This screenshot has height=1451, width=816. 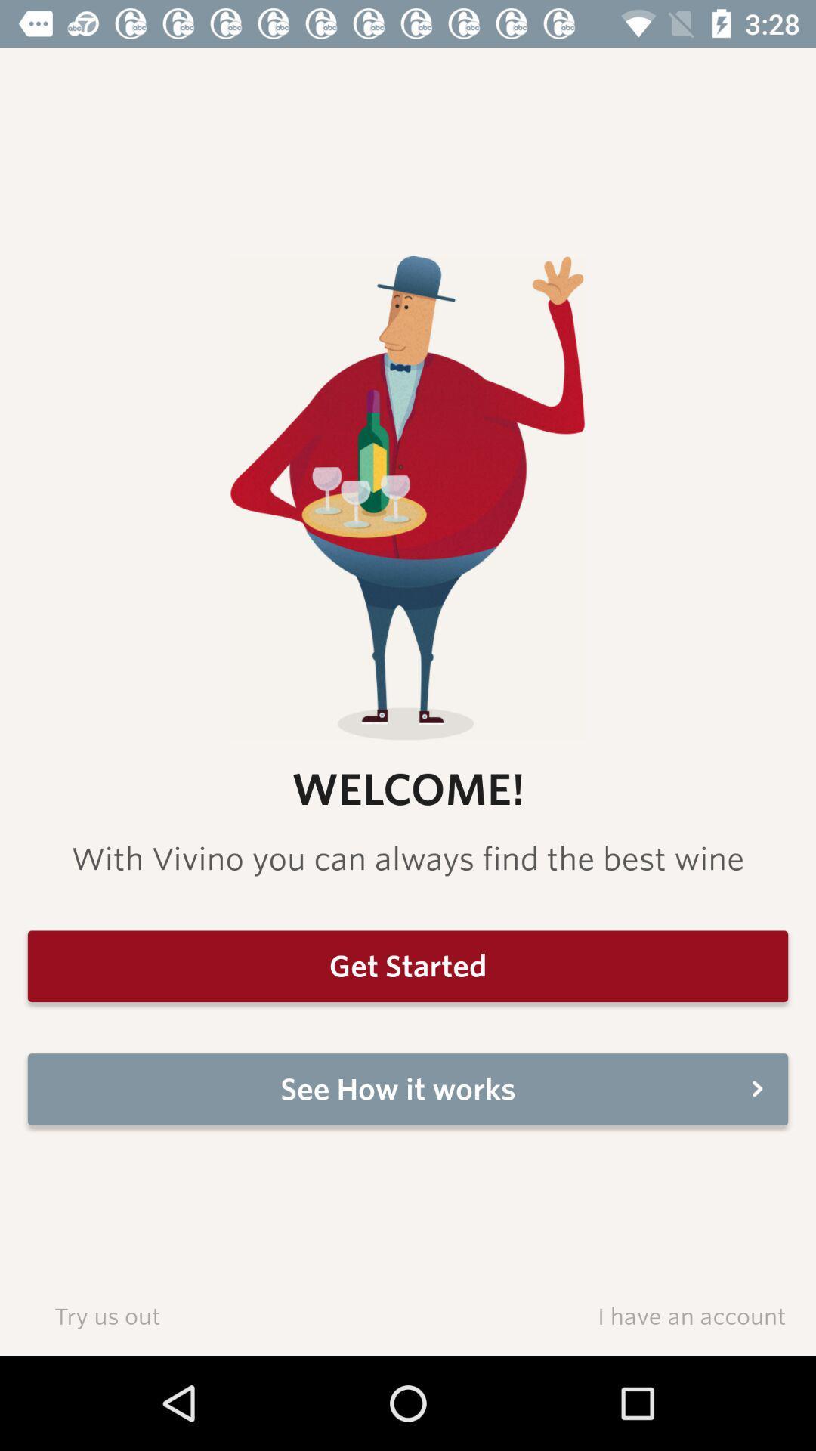 I want to click on the item at the bottom right corner, so click(x=691, y=1315).